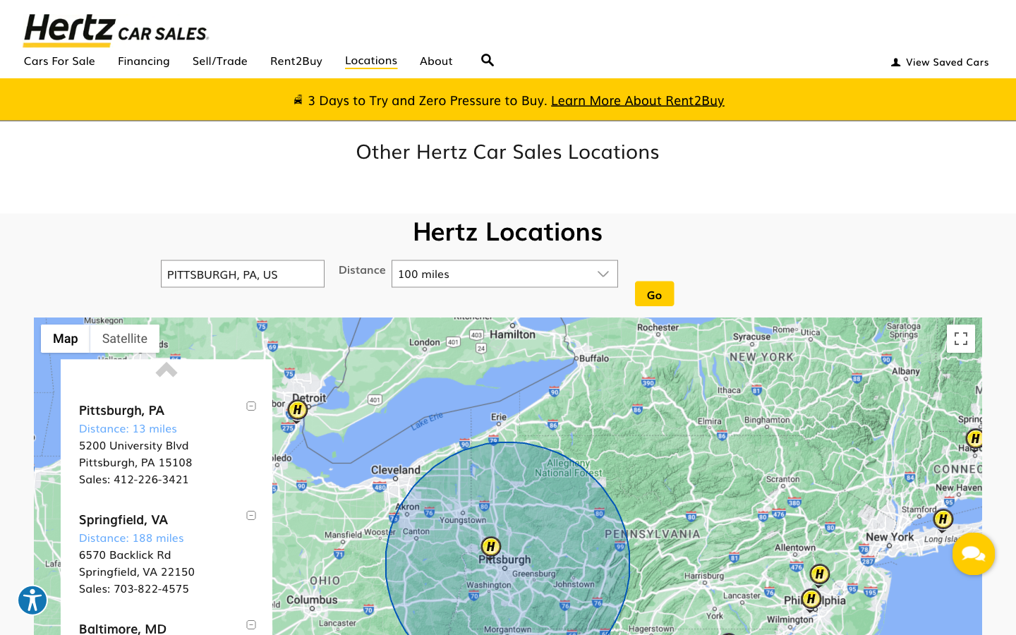 This screenshot has width=1016, height=635. What do you see at coordinates (638, 99) in the screenshot?
I see `Redirect to learn more about rent2buy` at bounding box center [638, 99].